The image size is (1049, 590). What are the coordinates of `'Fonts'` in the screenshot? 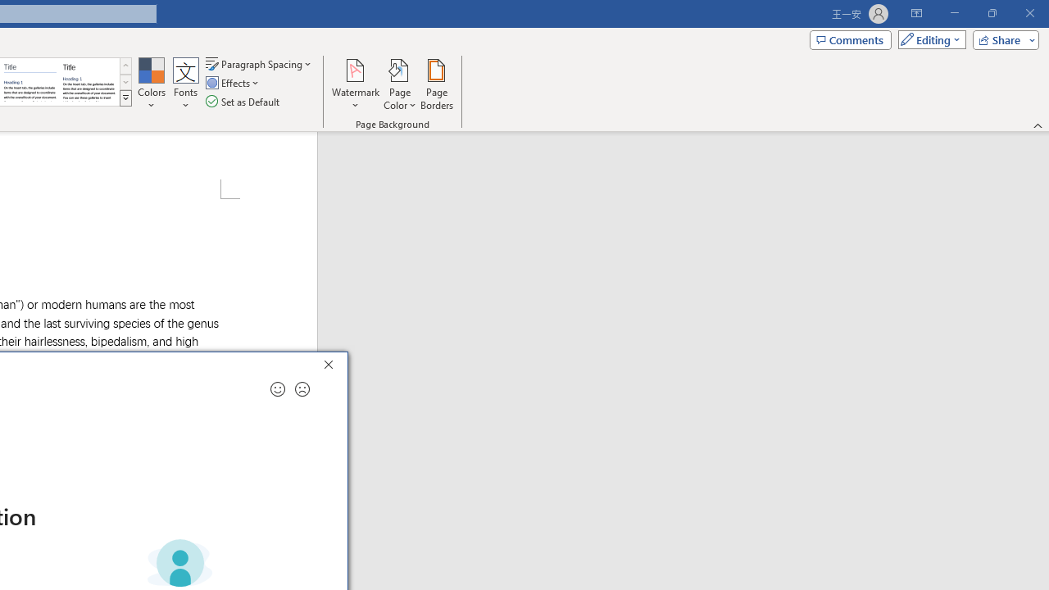 It's located at (186, 84).